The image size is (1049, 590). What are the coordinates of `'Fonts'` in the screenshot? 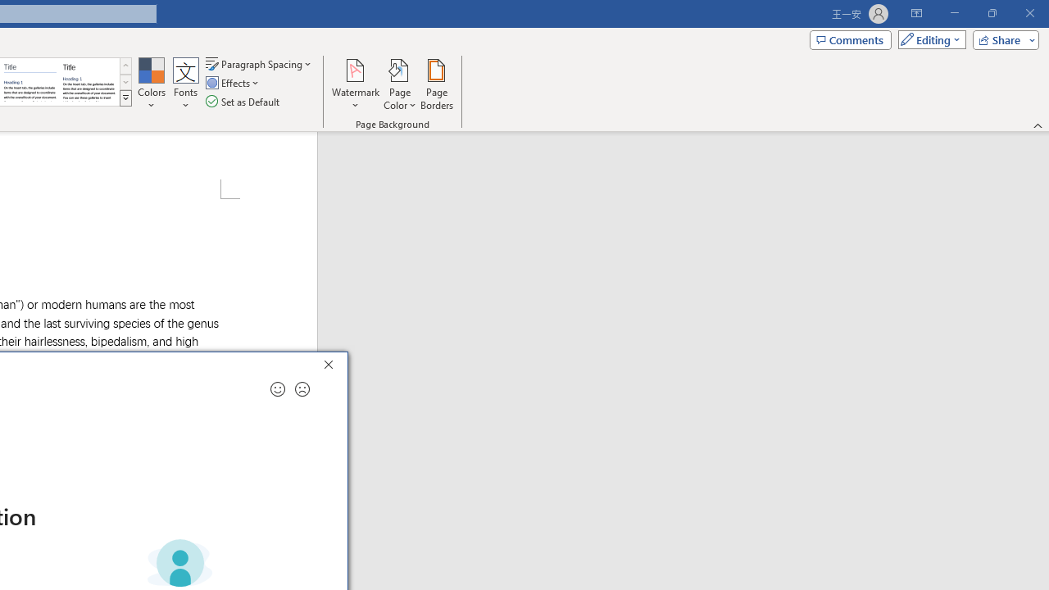 It's located at (186, 84).